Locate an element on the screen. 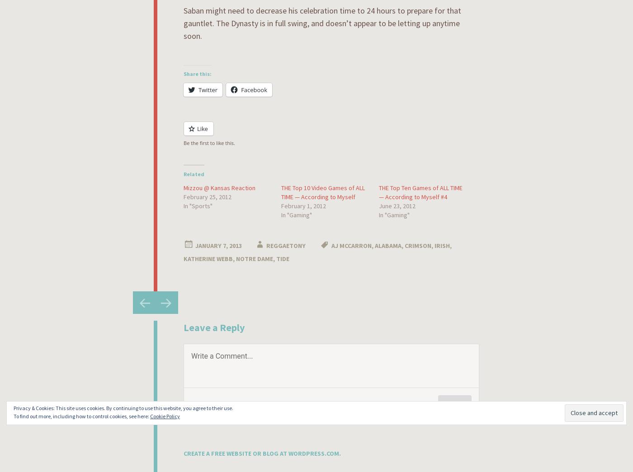 Image resolution: width=633 pixels, height=472 pixels. 'reggaetony' is located at coordinates (286, 245).